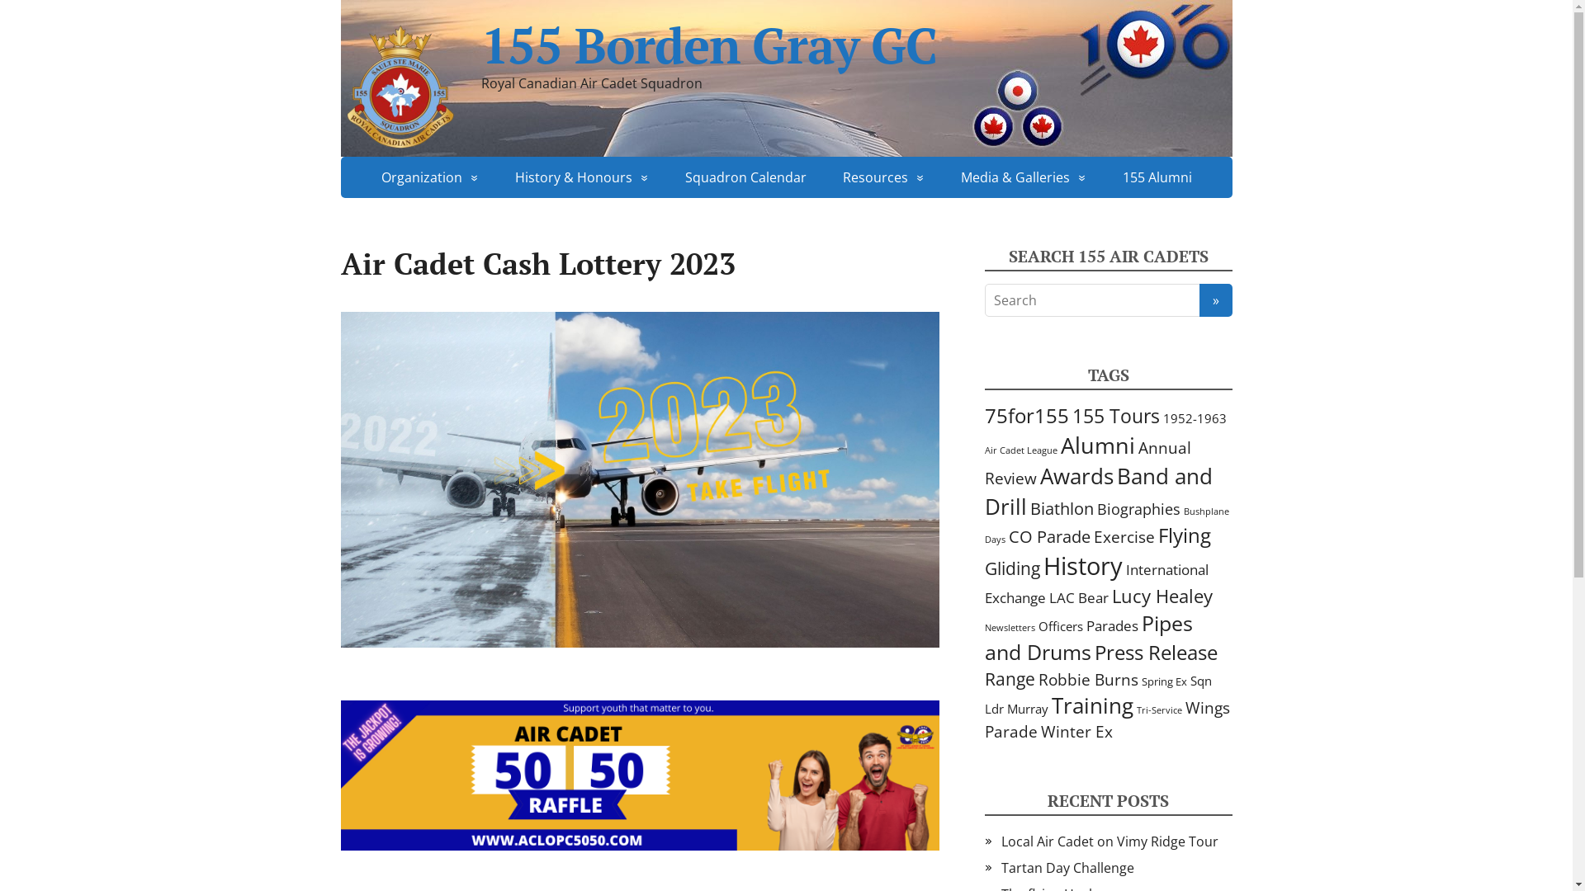 Image resolution: width=1585 pixels, height=891 pixels. Describe the element at coordinates (1050, 705) in the screenshot. I see `'Training'` at that location.